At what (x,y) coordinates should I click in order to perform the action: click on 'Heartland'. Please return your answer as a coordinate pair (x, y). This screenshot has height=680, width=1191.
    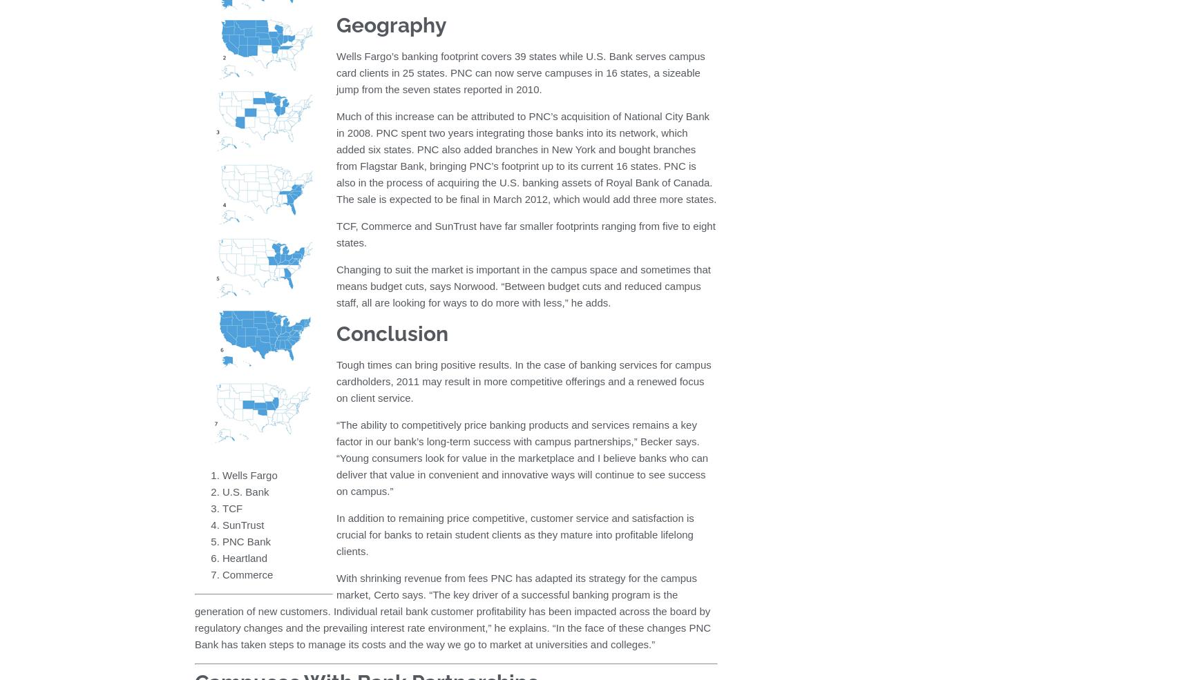
    Looking at the image, I should click on (245, 556).